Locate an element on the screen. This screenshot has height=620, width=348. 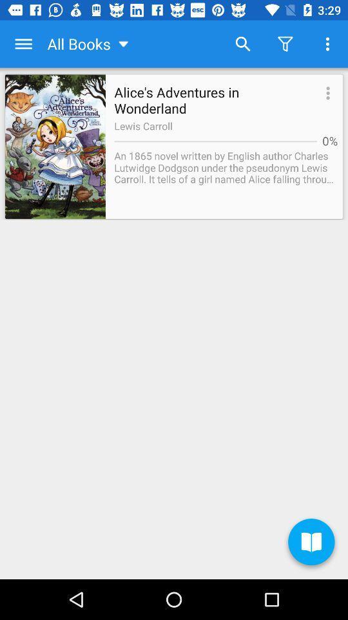
icon above lewis carroll item is located at coordinates (325, 94).